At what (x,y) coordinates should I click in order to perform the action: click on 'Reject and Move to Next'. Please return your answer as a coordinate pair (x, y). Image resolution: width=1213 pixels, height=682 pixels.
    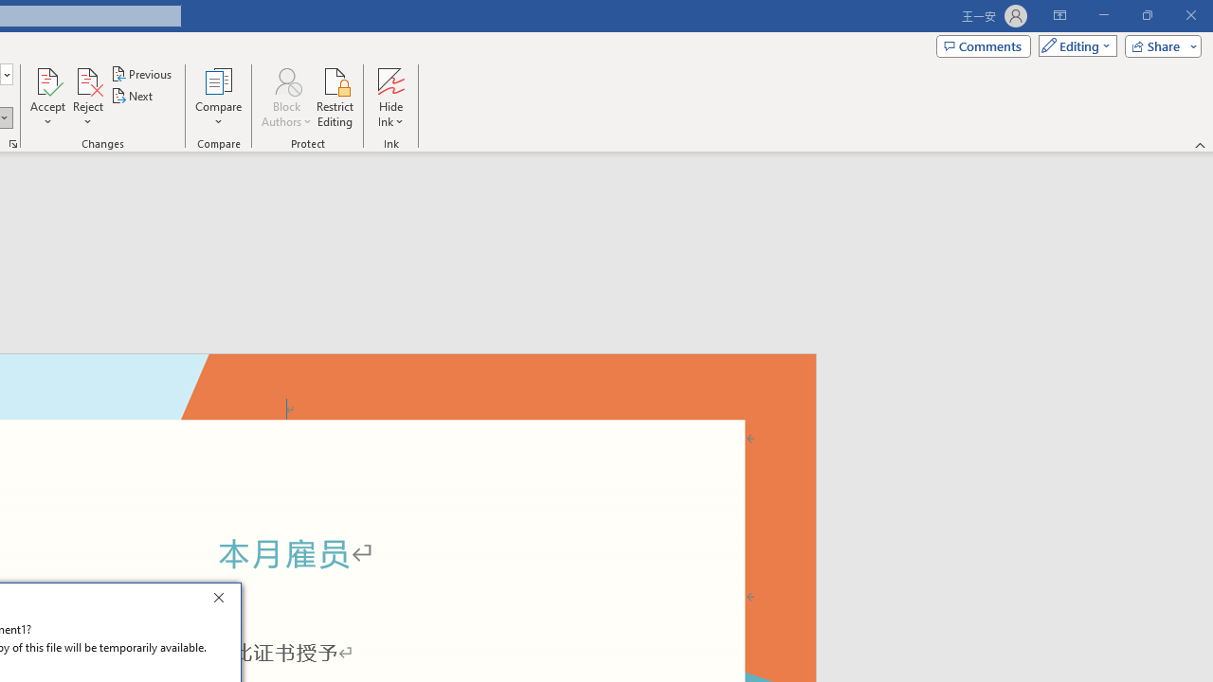
    Looking at the image, I should click on (86, 80).